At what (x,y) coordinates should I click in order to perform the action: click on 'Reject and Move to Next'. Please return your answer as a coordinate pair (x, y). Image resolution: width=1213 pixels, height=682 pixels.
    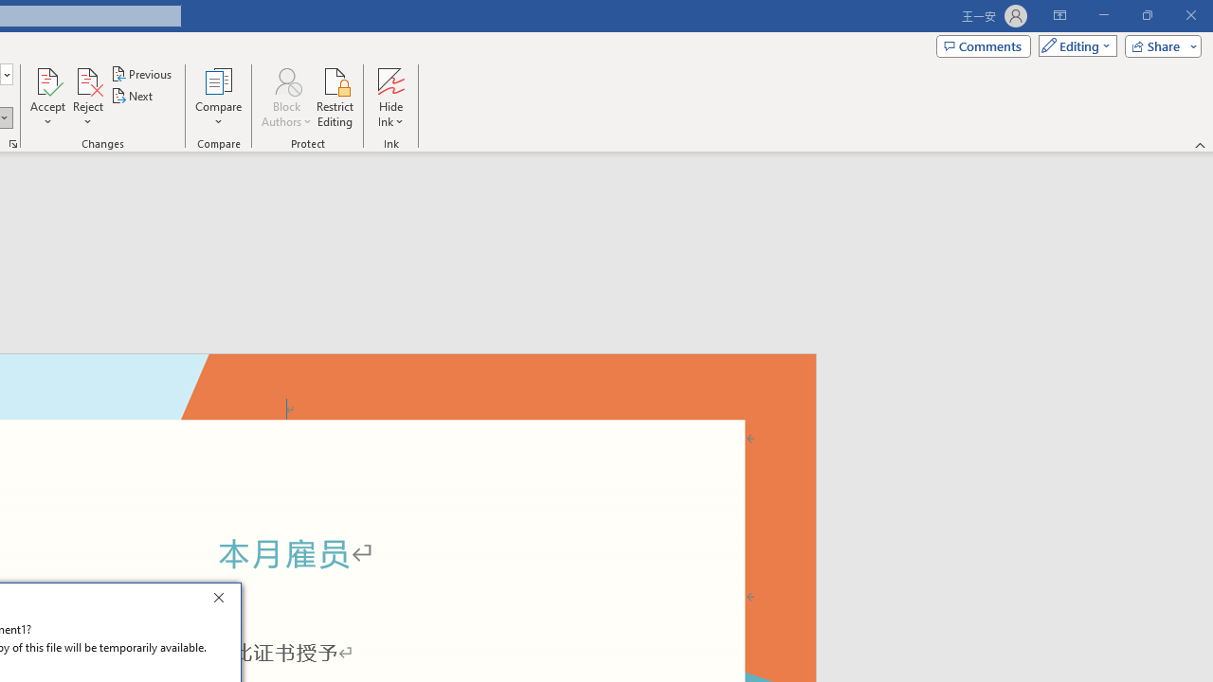
    Looking at the image, I should click on (86, 80).